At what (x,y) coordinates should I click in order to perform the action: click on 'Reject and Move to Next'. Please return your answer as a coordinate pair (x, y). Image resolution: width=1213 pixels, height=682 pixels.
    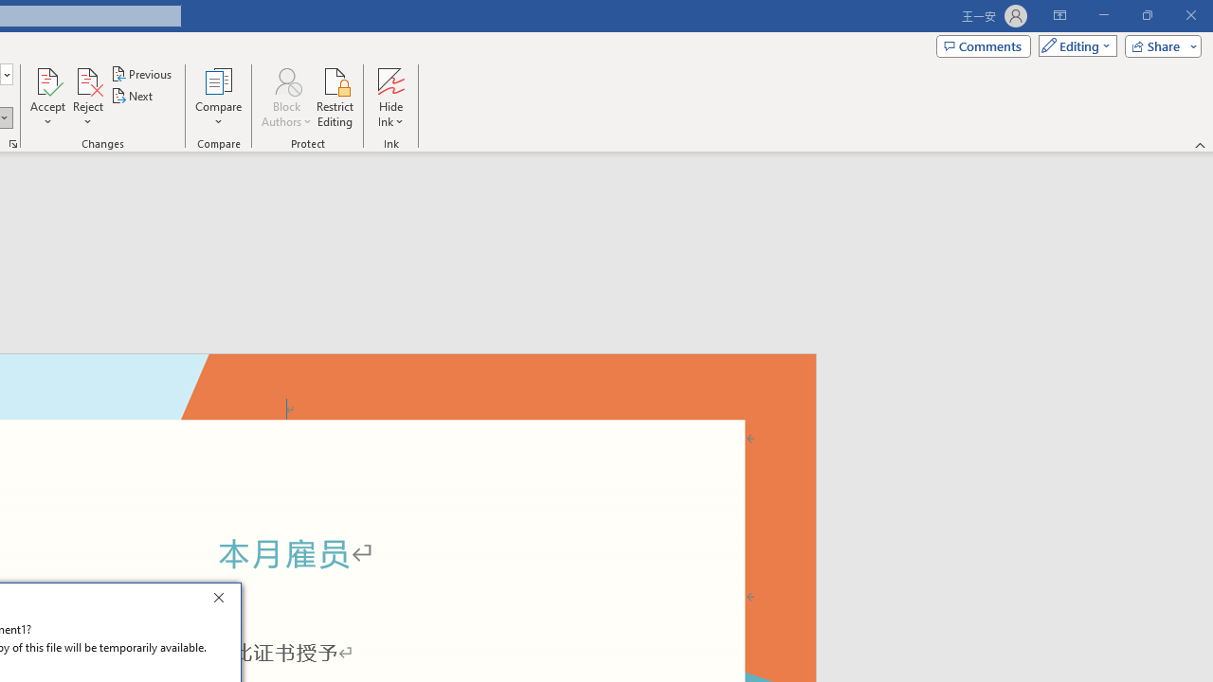
    Looking at the image, I should click on (86, 80).